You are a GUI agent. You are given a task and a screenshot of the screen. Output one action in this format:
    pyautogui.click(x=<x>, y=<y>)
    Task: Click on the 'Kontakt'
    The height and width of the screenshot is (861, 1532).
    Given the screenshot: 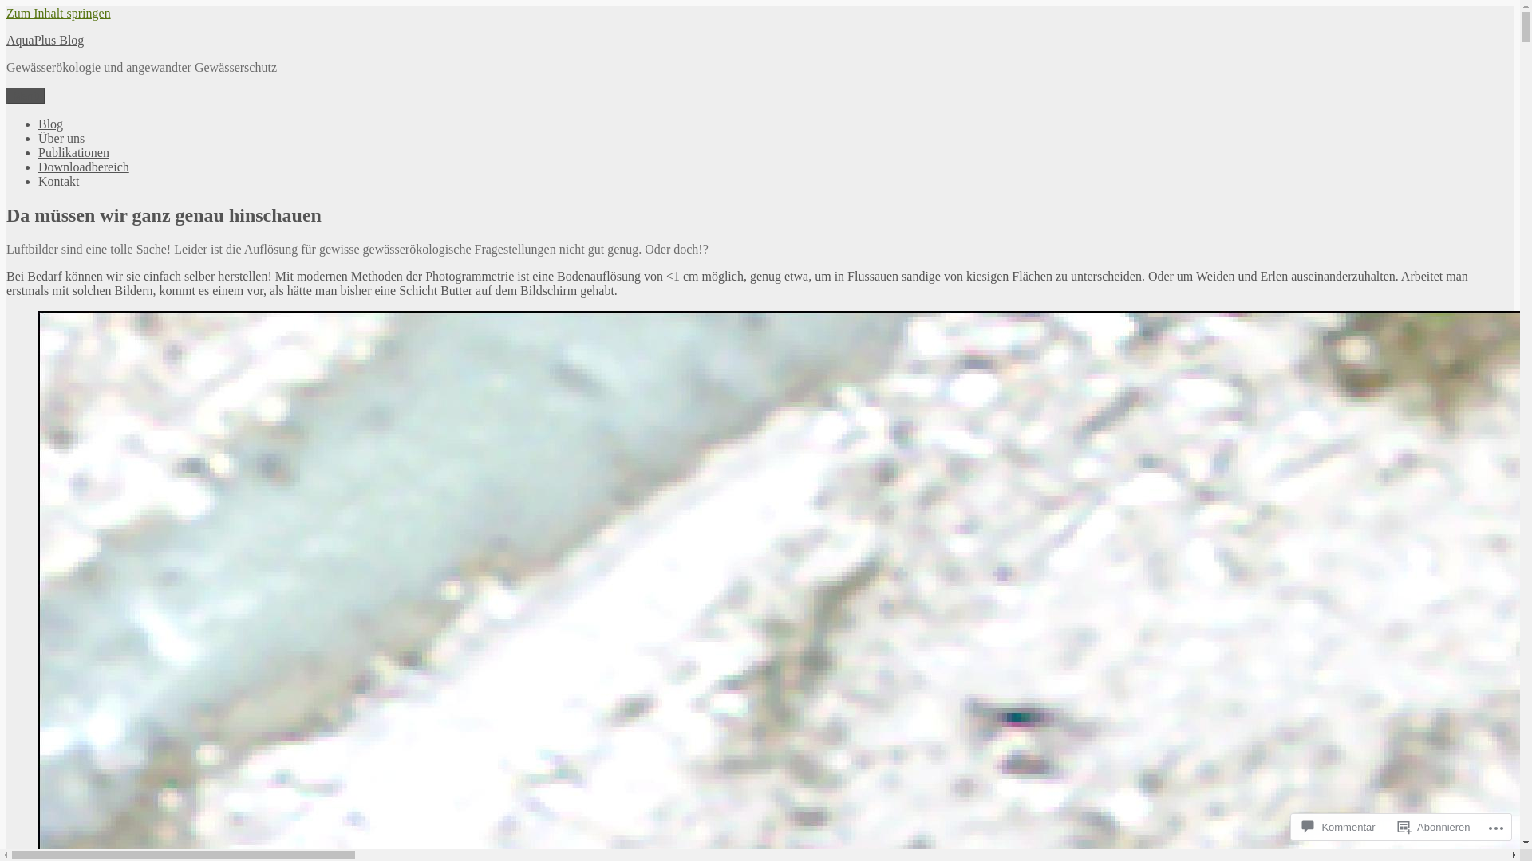 What is the action you would take?
    pyautogui.click(x=58, y=180)
    